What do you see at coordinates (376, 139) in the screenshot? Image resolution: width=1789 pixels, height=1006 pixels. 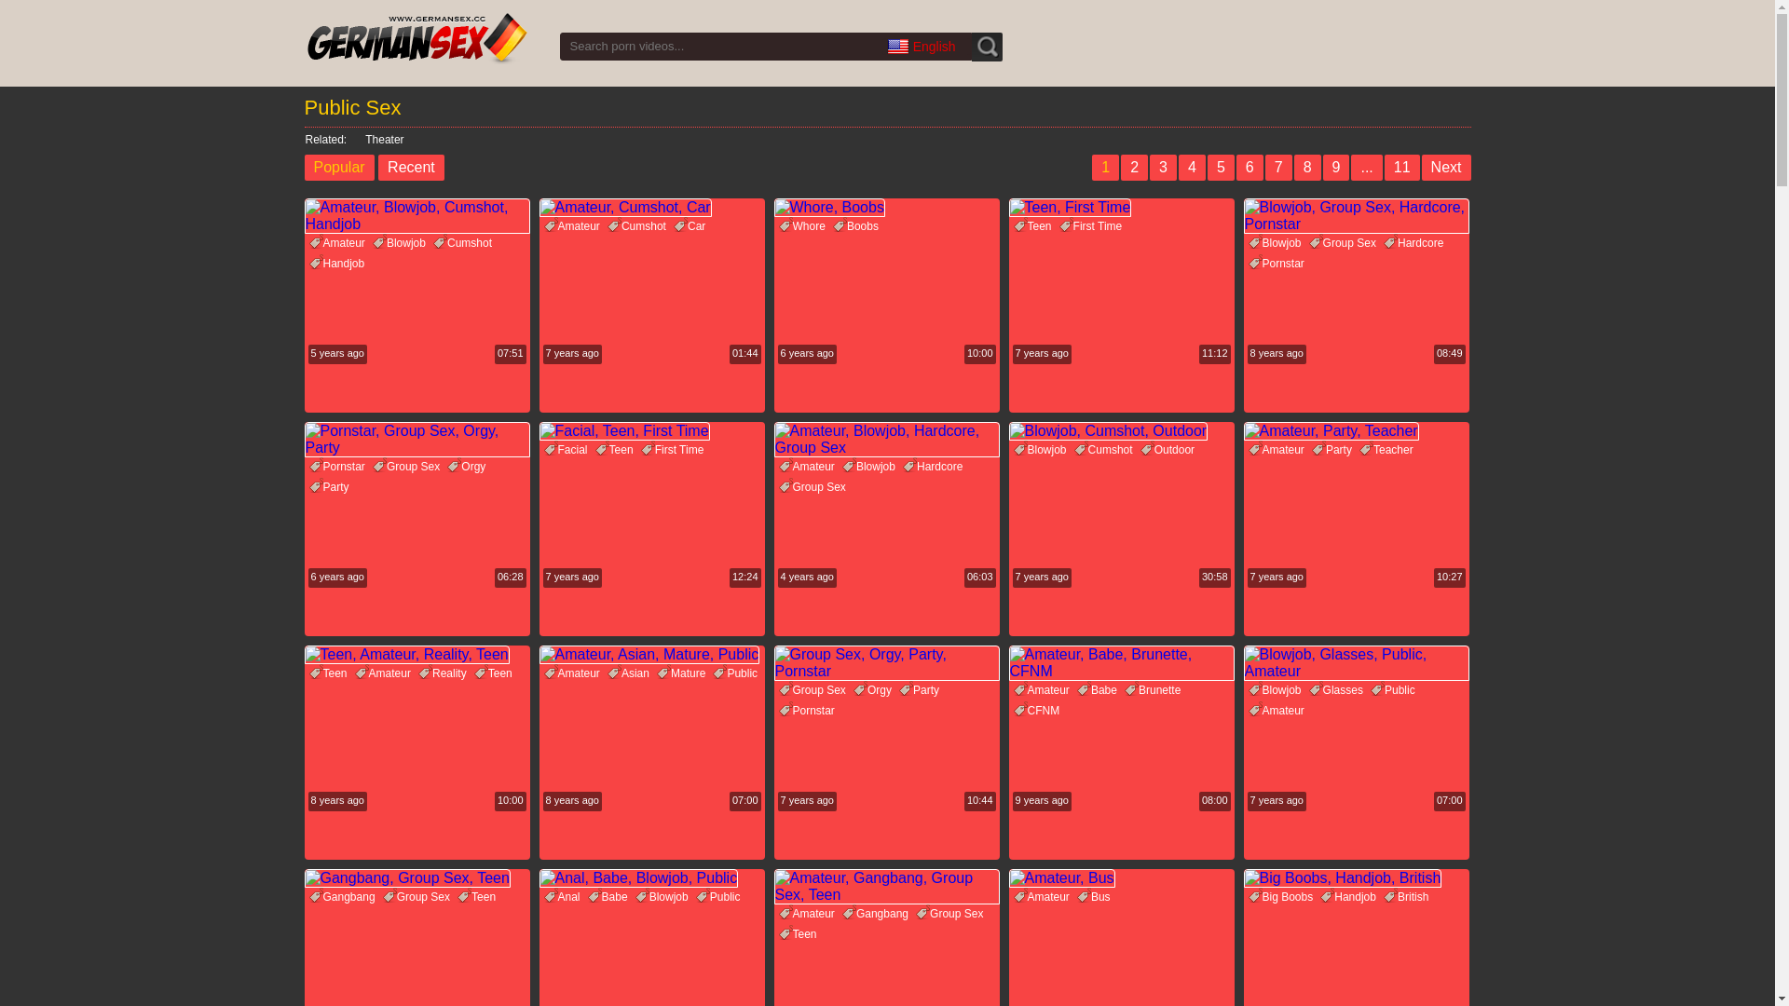 I see `'Theater'` at bounding box center [376, 139].